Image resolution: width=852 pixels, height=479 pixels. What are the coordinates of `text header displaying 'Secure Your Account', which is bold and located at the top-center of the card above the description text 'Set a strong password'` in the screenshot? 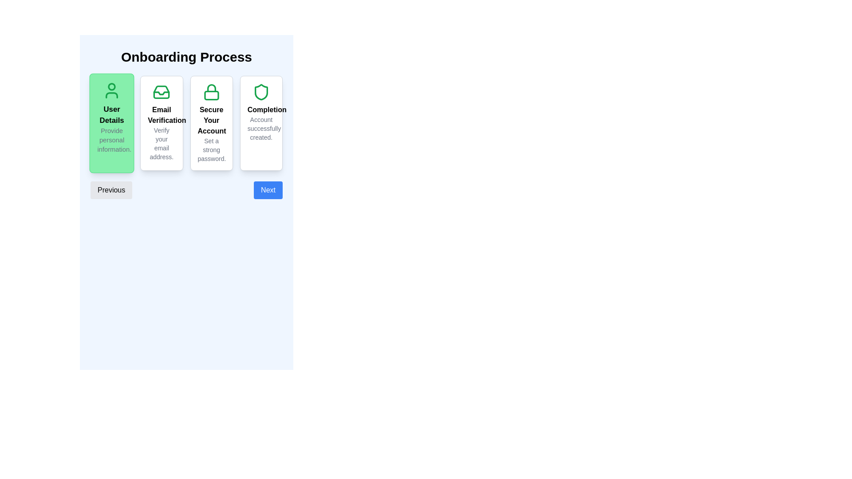 It's located at (211, 121).